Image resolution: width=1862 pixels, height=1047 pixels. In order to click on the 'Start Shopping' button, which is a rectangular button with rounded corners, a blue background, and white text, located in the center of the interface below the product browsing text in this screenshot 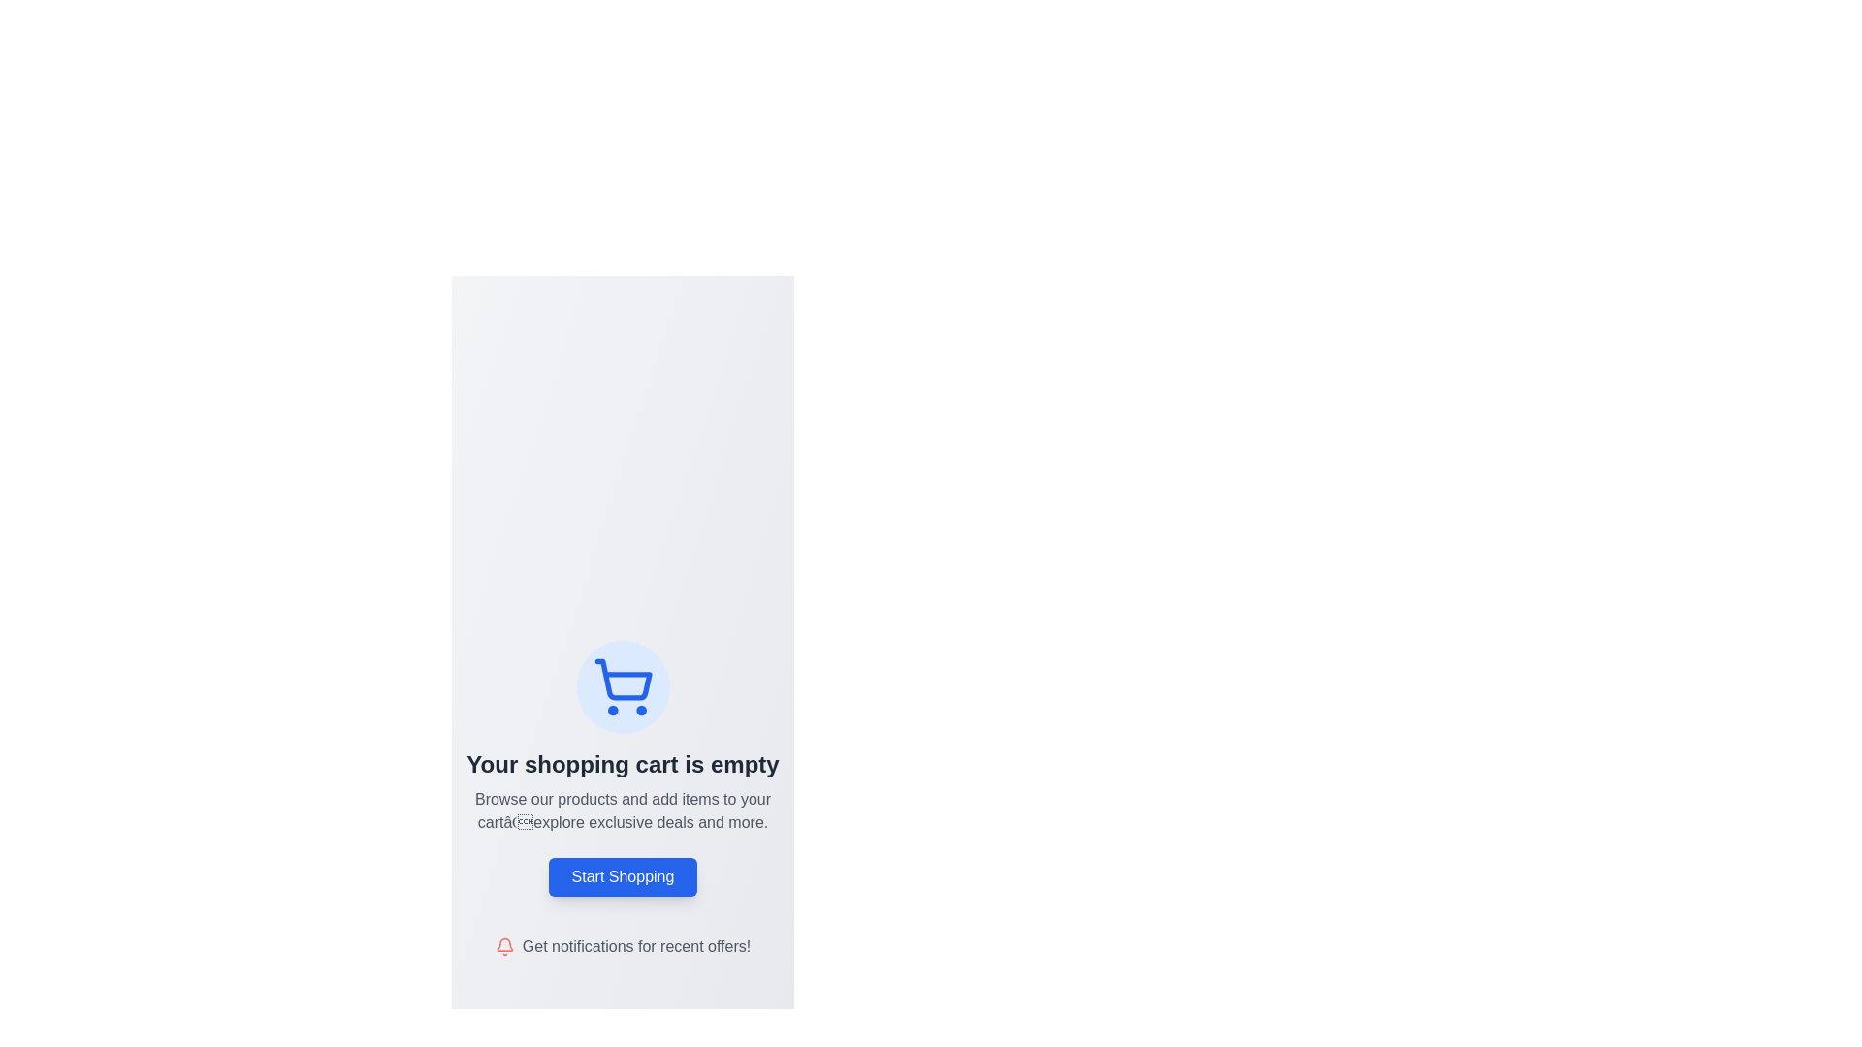, I will do `click(623, 877)`.